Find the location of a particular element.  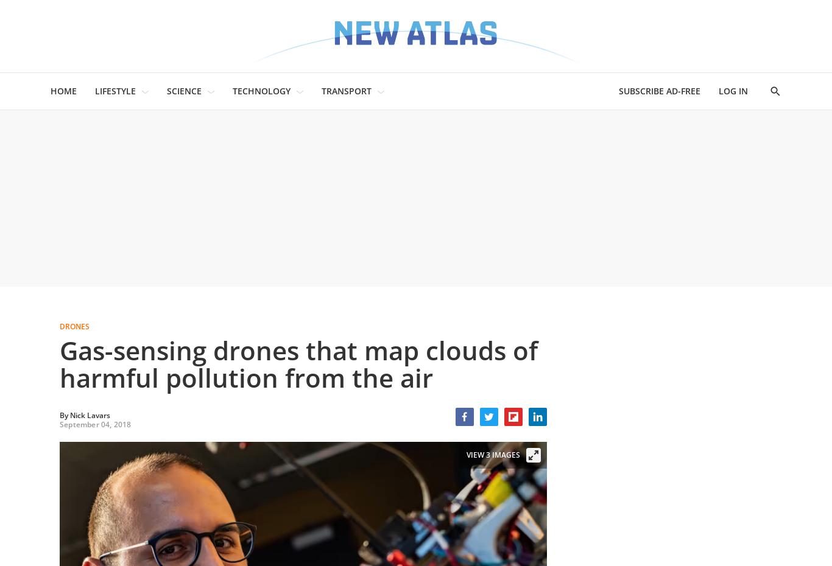

'TRANSPORT' is located at coordinates (346, 91).